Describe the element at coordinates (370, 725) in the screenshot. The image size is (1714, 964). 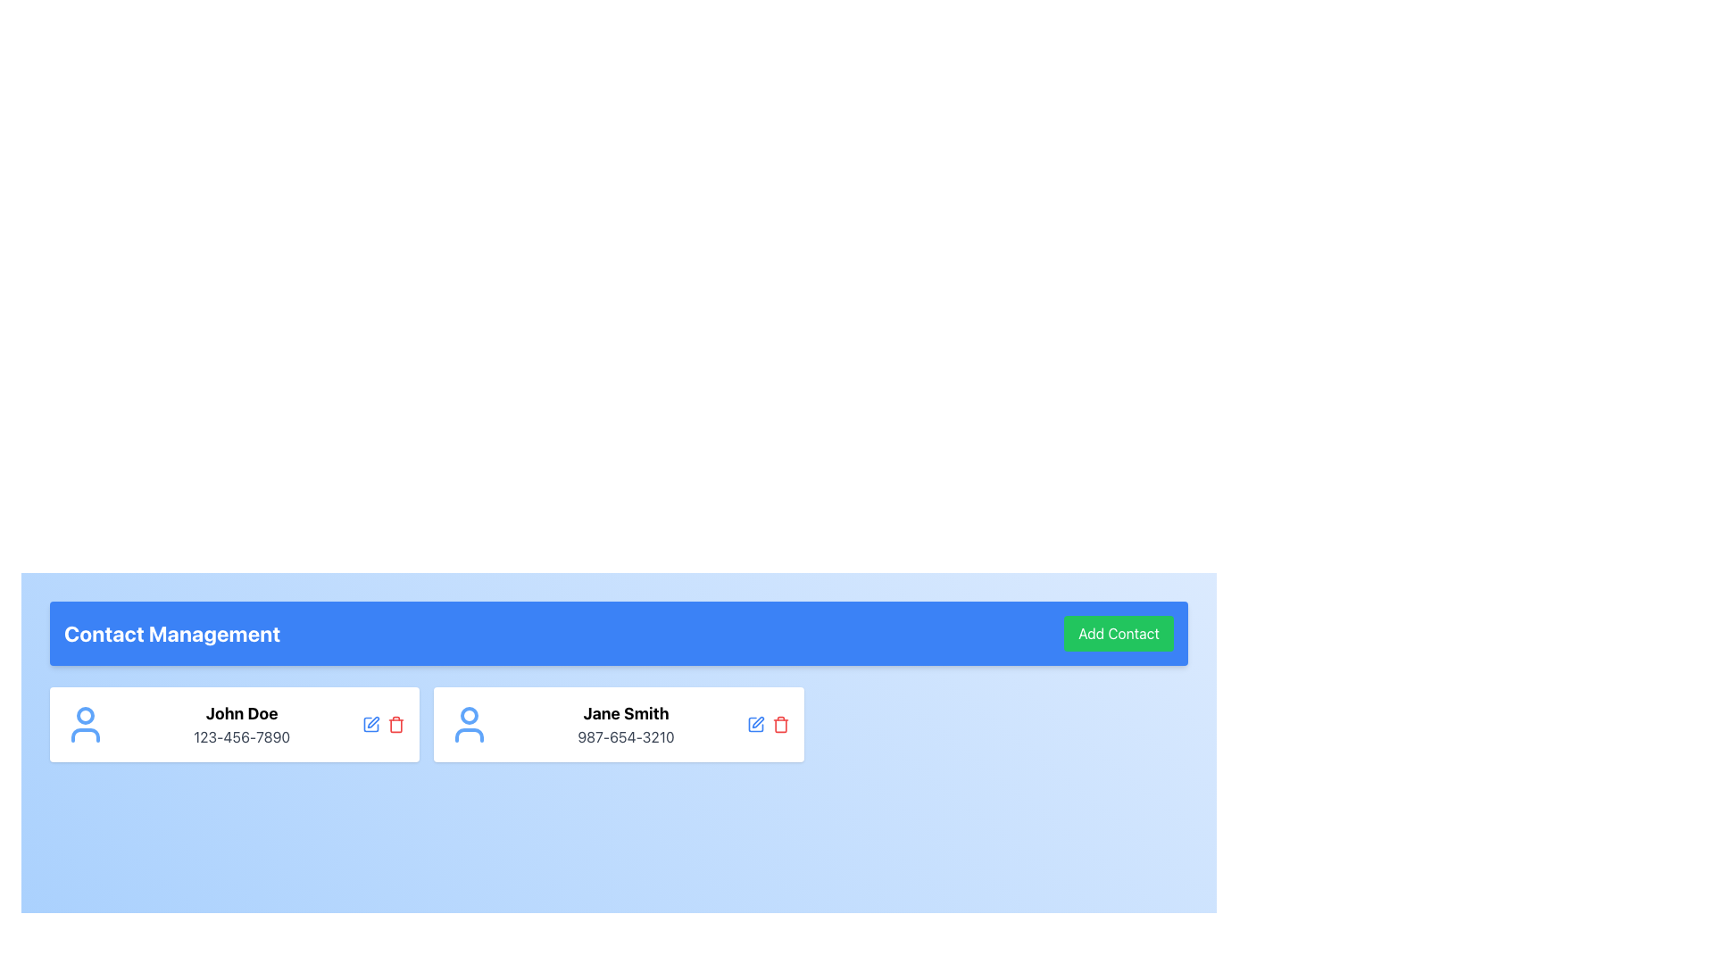
I see `the 'Edit' button located within the contact card for 'John Doe' to initiate editing` at that location.